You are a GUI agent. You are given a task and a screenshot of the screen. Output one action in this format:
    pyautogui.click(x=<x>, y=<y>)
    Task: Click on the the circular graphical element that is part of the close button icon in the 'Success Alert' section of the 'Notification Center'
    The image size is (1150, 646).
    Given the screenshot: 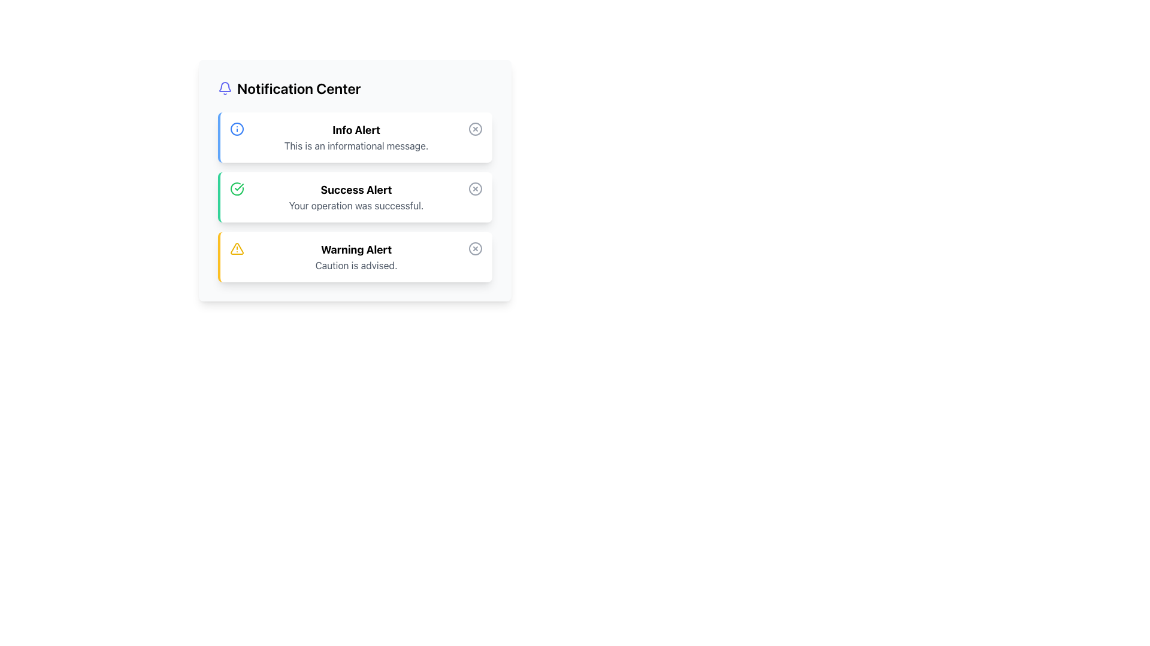 What is the action you would take?
    pyautogui.click(x=474, y=188)
    